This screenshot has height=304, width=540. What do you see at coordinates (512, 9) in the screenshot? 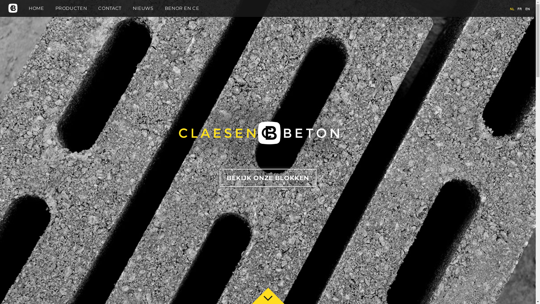
I see `'NL'` at bounding box center [512, 9].